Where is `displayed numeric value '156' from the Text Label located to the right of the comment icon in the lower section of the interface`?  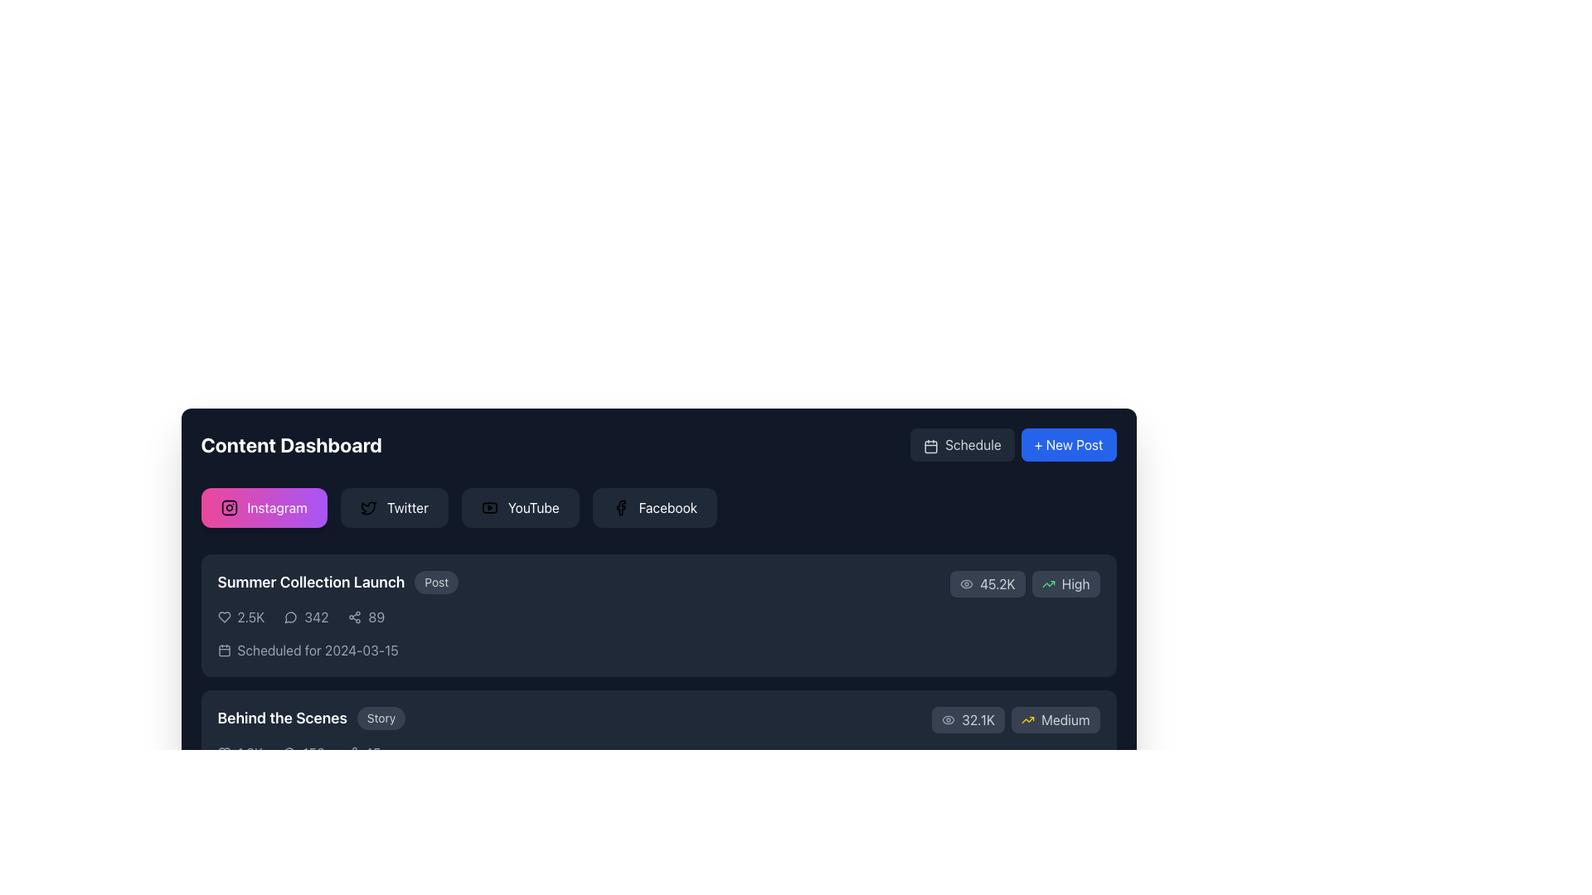 displayed numeric value '156' from the Text Label located to the right of the comment icon in the lower section of the interface is located at coordinates (313, 753).